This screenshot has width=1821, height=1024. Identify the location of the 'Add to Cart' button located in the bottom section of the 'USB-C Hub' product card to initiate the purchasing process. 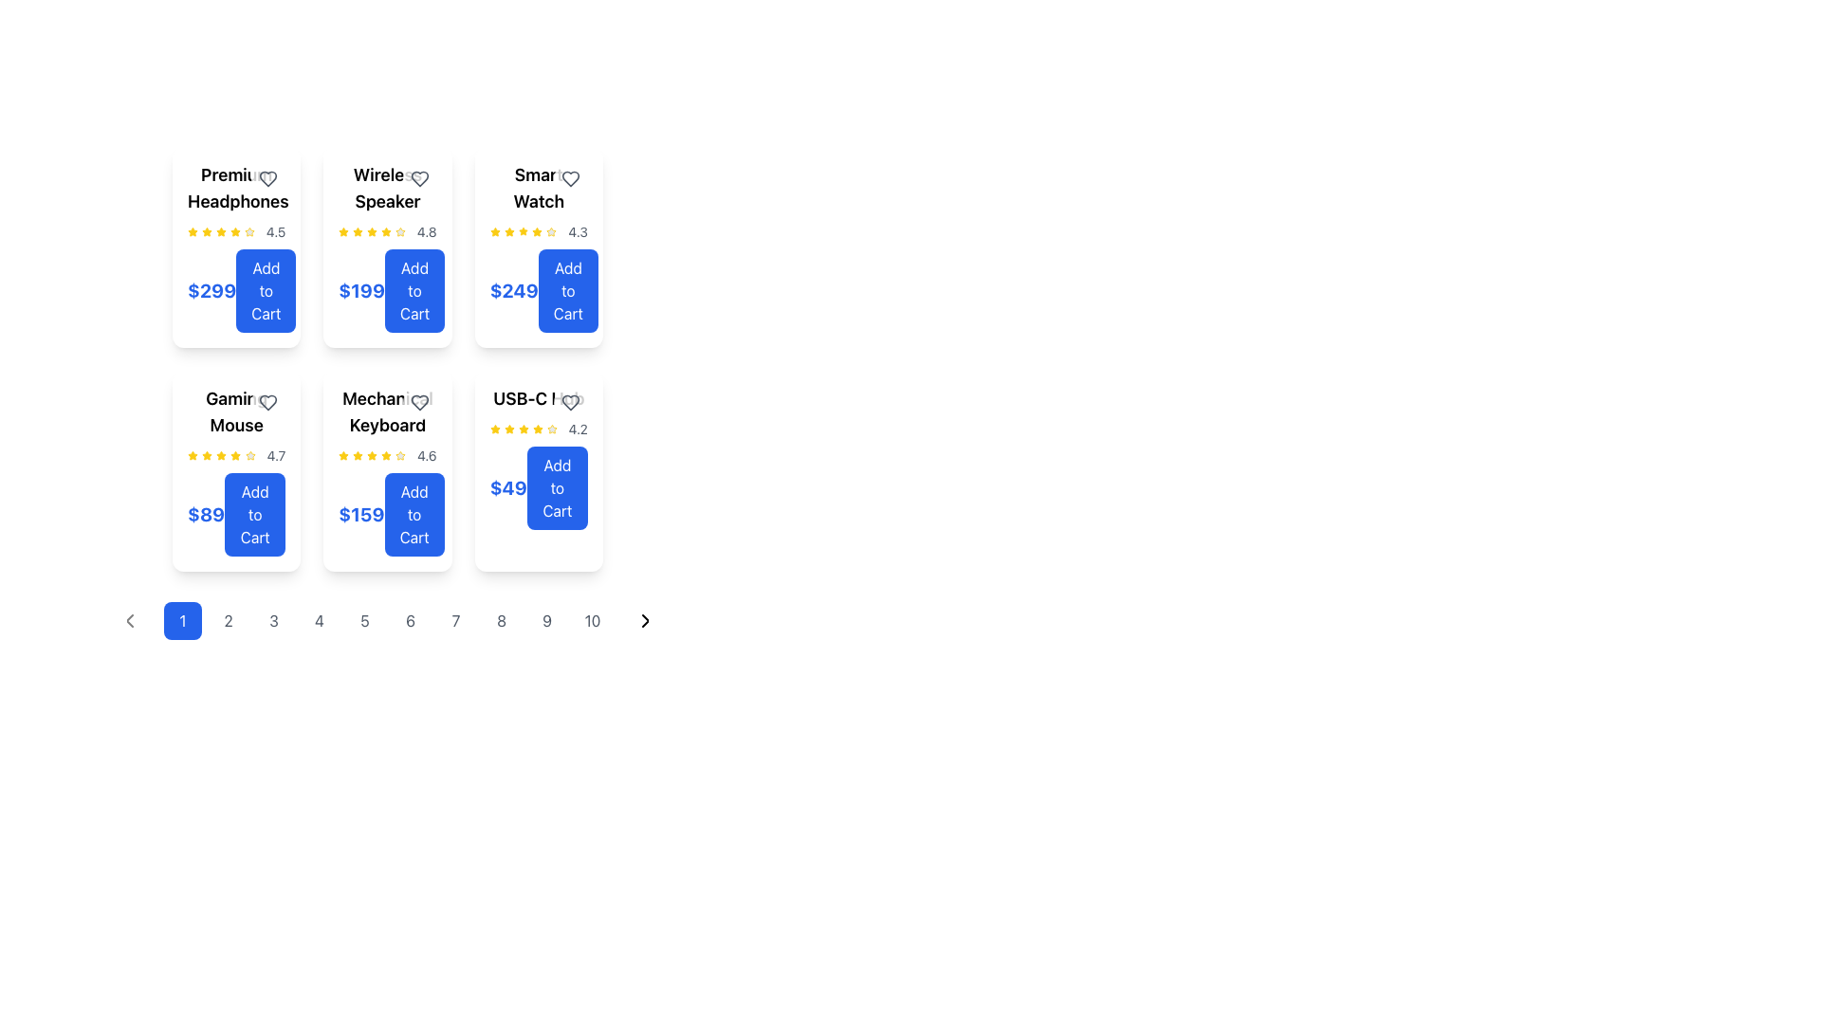
(537, 487).